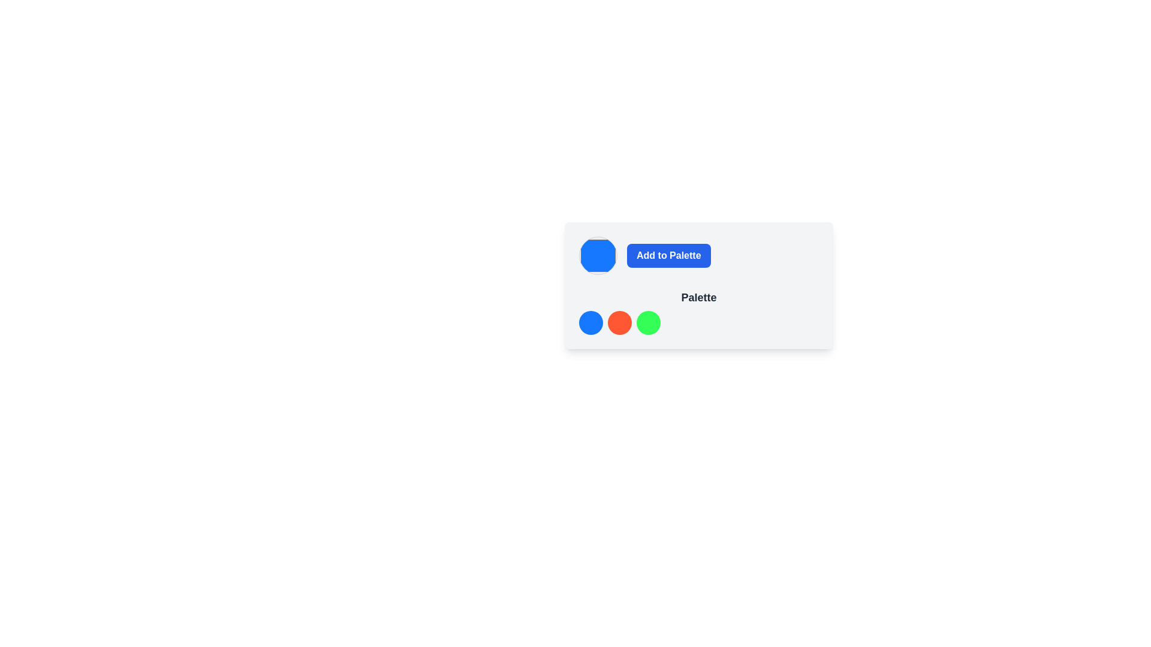 The image size is (1151, 647). What do you see at coordinates (590, 322) in the screenshot?
I see `the first circular blue decorative item located at the bottom section of the interface, which is the leftmost among three similar items` at bounding box center [590, 322].